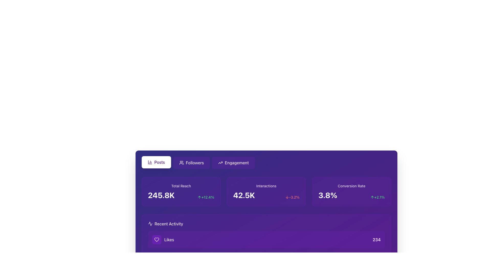 This screenshot has width=491, height=276. I want to click on the text label displaying '245.8K' in bold white text on a purple background, which is part of the 'Total Reach' card, so click(161, 195).